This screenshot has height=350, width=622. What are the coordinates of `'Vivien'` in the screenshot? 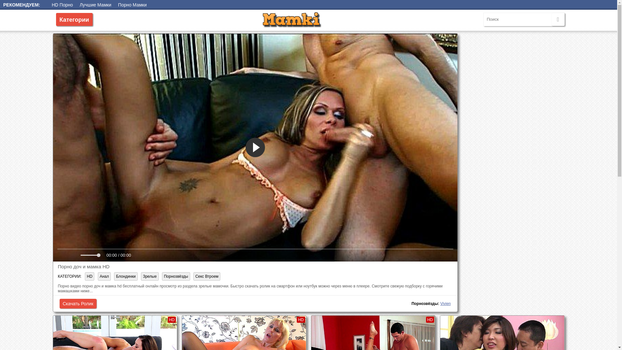 It's located at (445, 304).